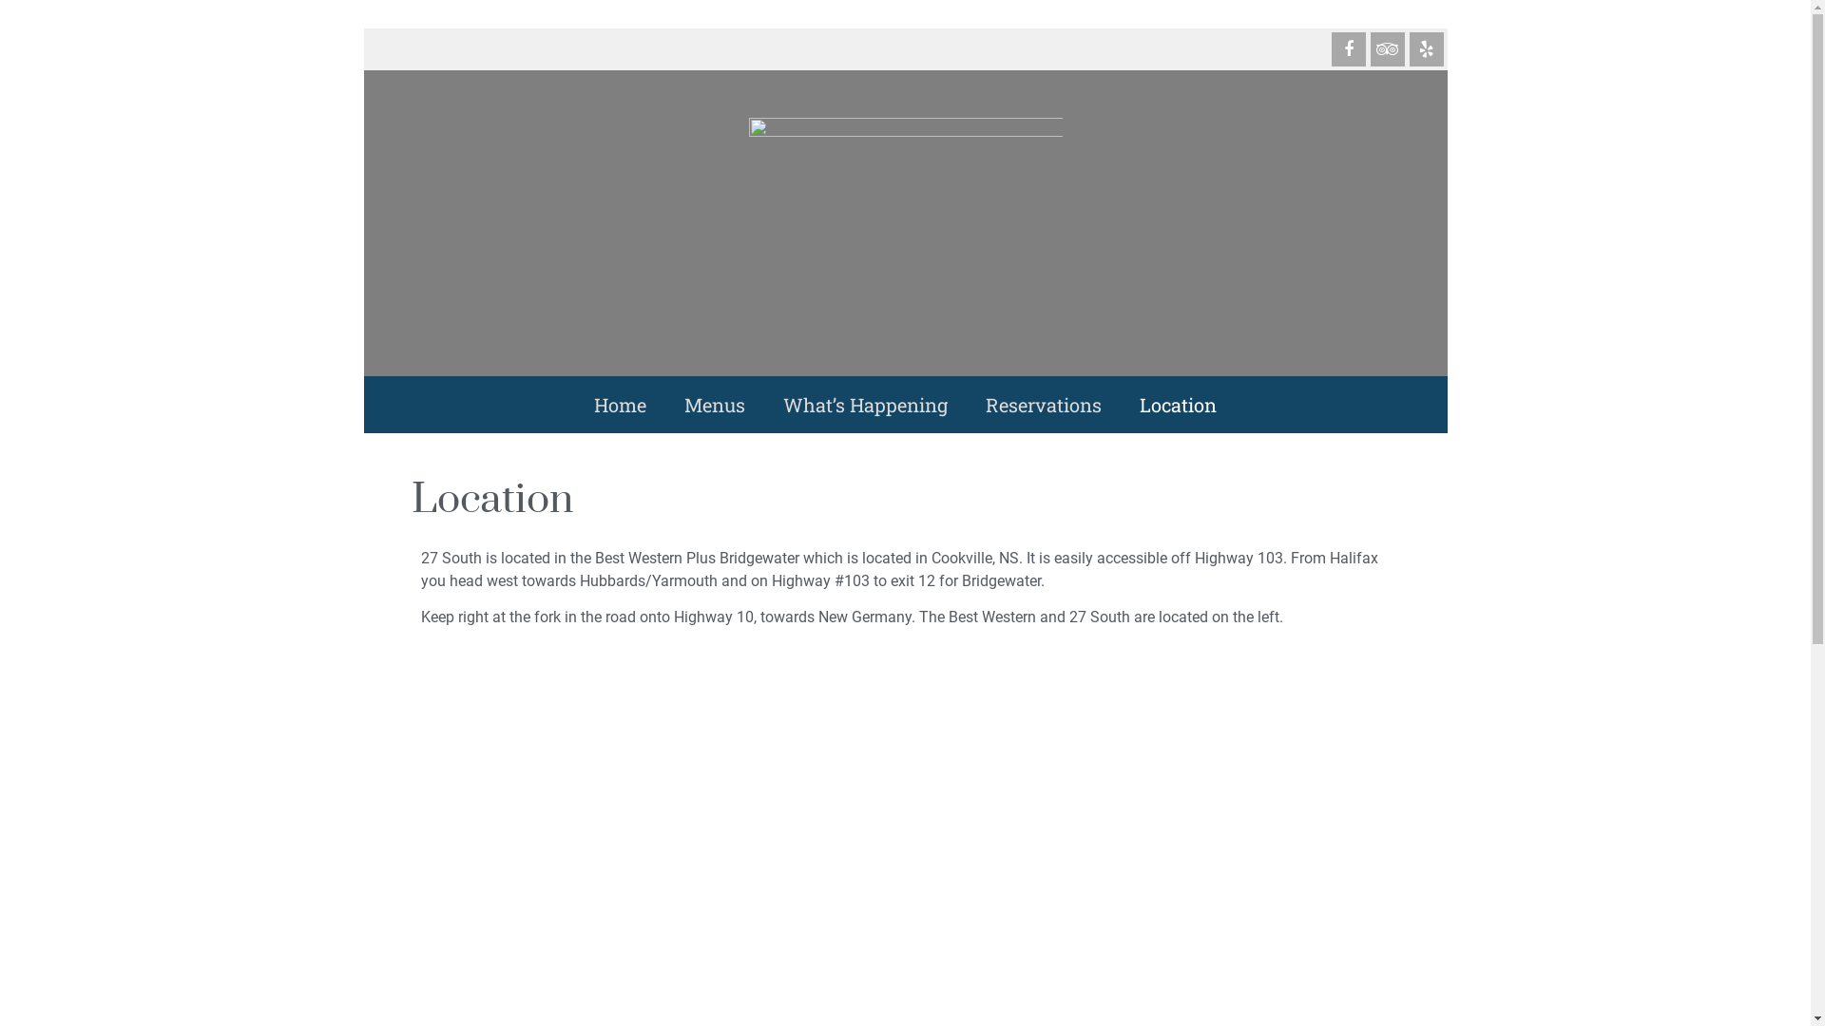 The height and width of the screenshot is (1026, 1825). I want to click on 'Location', so click(1177, 403).